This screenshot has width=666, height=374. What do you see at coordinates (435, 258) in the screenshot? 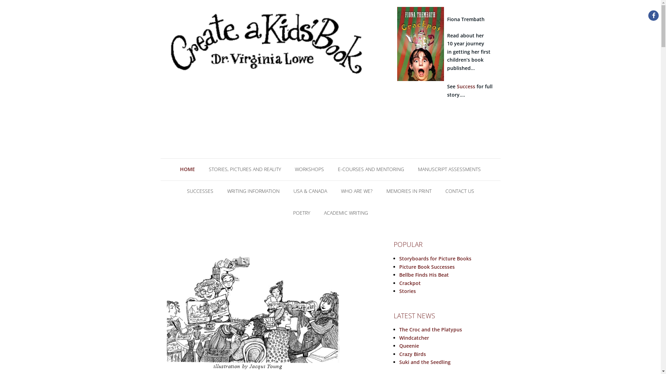
I see `'Storyboards for Picture Books'` at bounding box center [435, 258].